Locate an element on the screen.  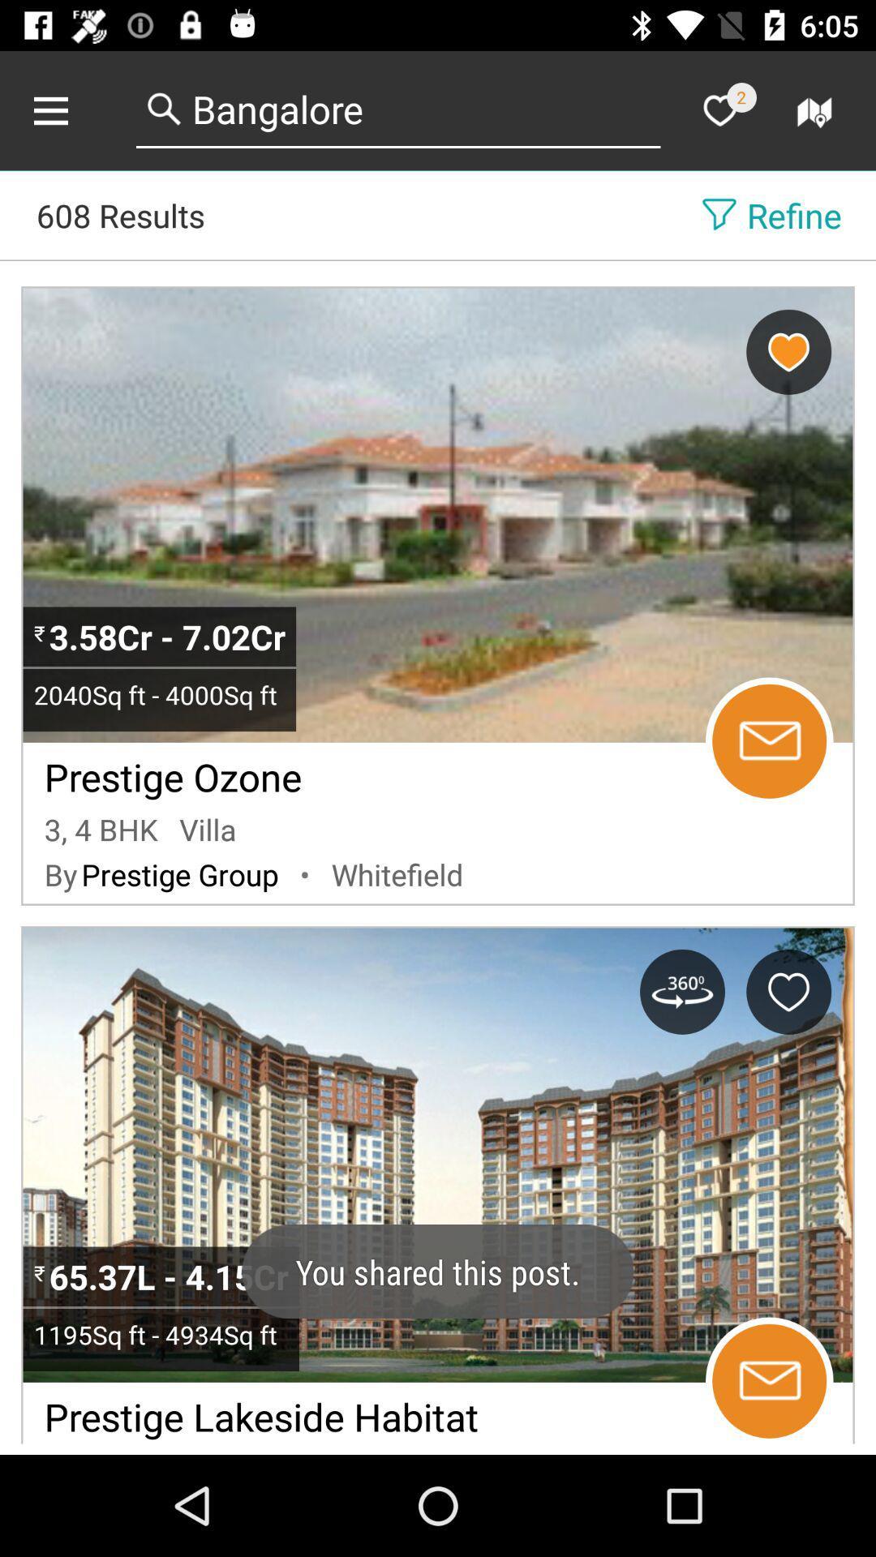
this option is located at coordinates (788, 991).